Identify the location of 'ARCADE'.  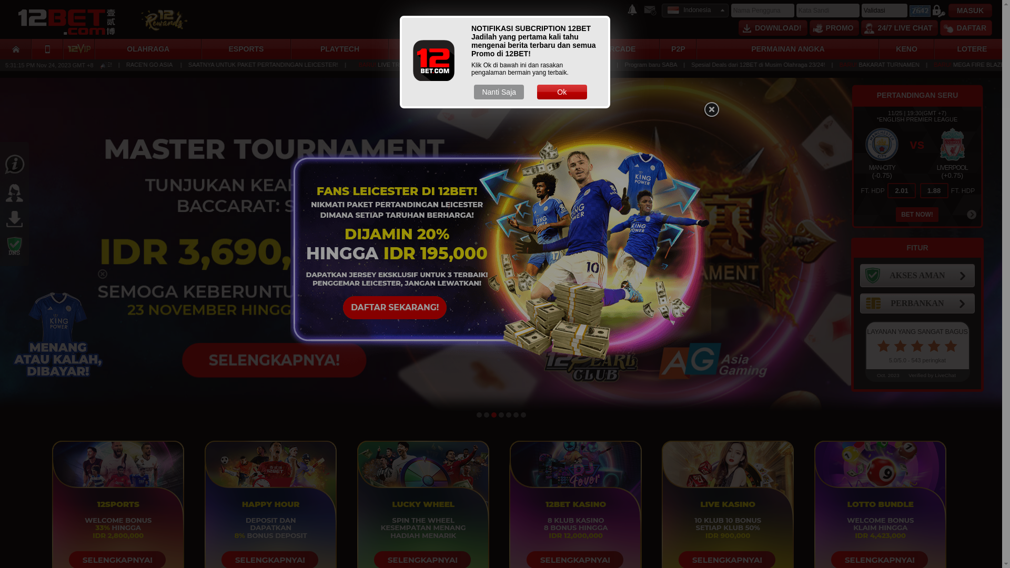
(619, 49).